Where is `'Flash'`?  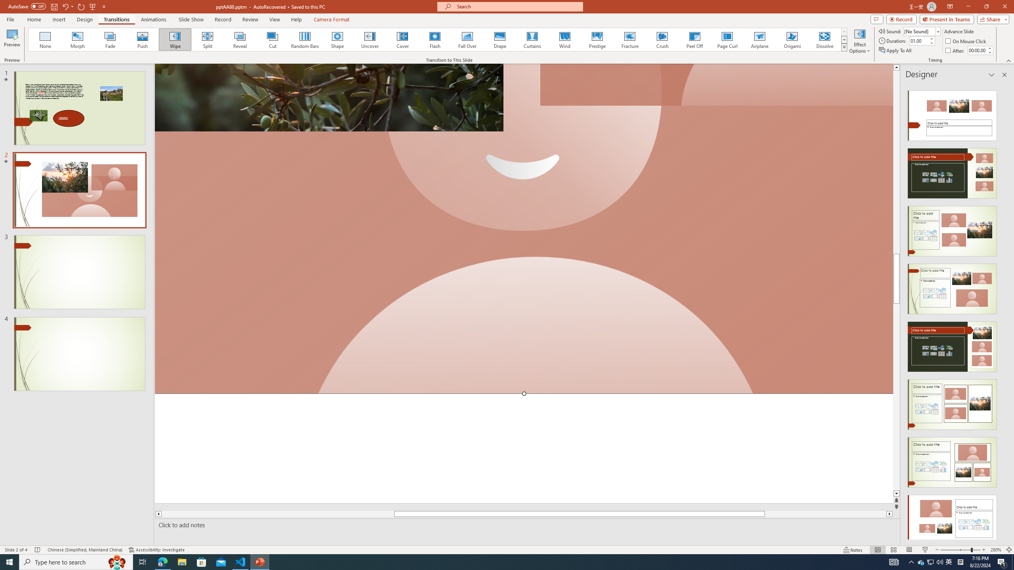 'Flash' is located at coordinates (435, 39).